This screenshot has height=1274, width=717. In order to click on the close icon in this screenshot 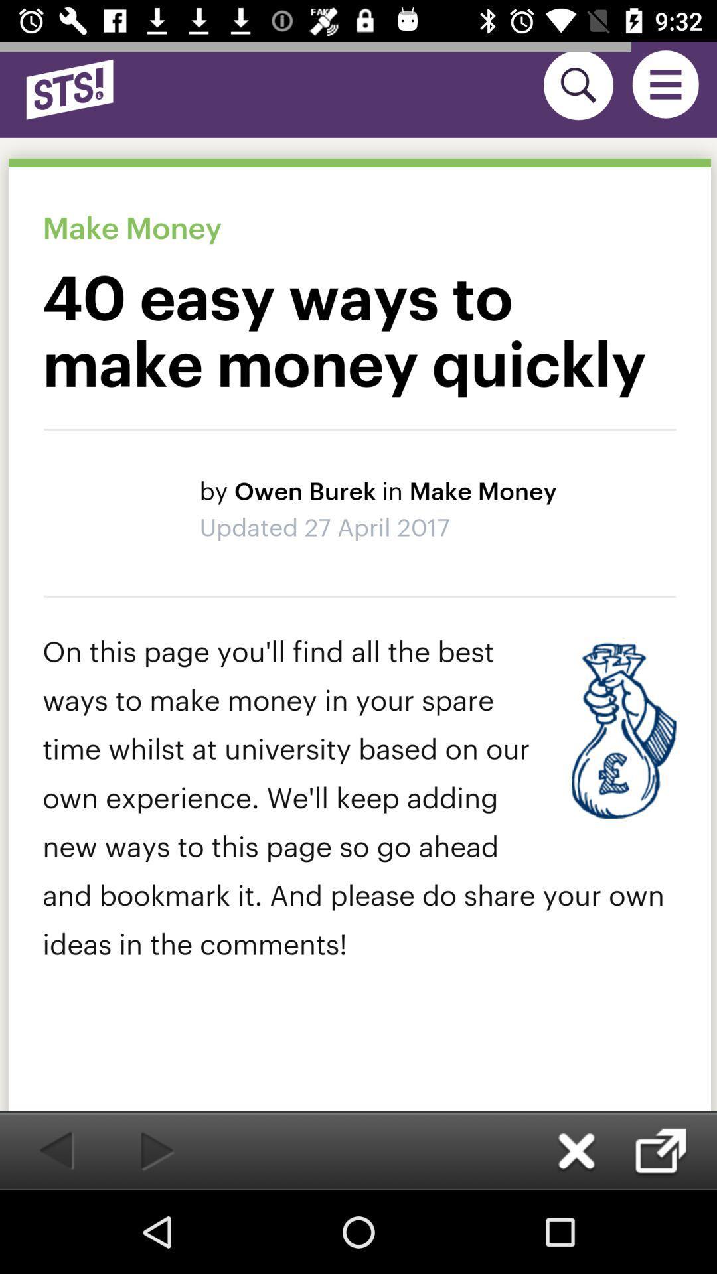, I will do `click(589, 1150)`.